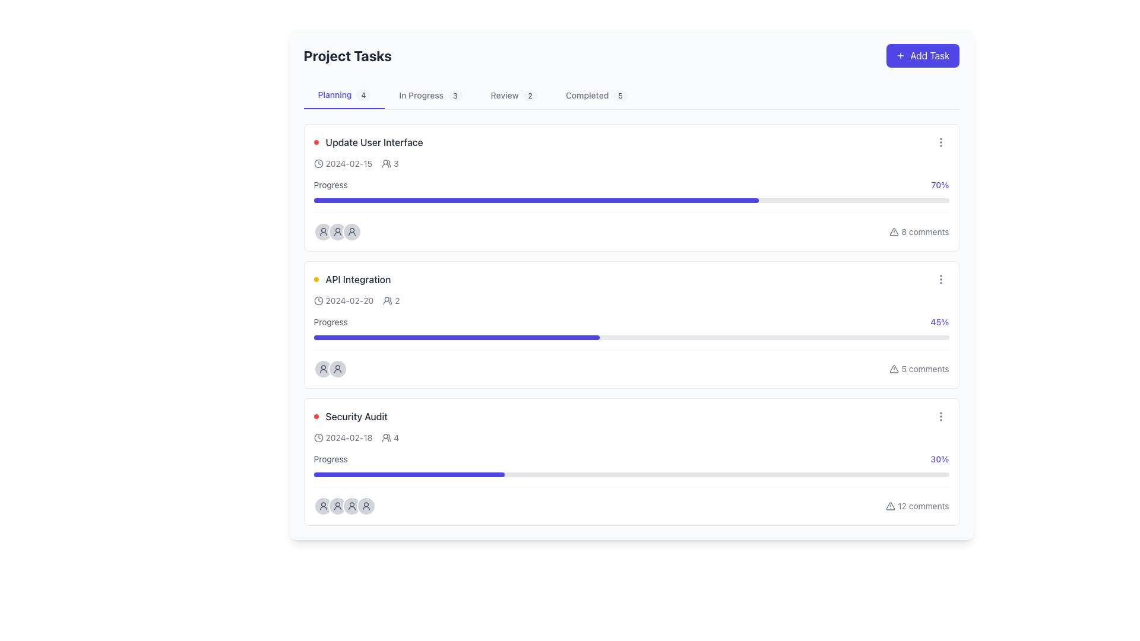 The image size is (1140, 641). What do you see at coordinates (351, 506) in the screenshot?
I see `the third user avatar from the left in the row of user avatars at the bottom of the 'Security Audit' task section, which features a circular design with a gray background and a thin white border` at bounding box center [351, 506].